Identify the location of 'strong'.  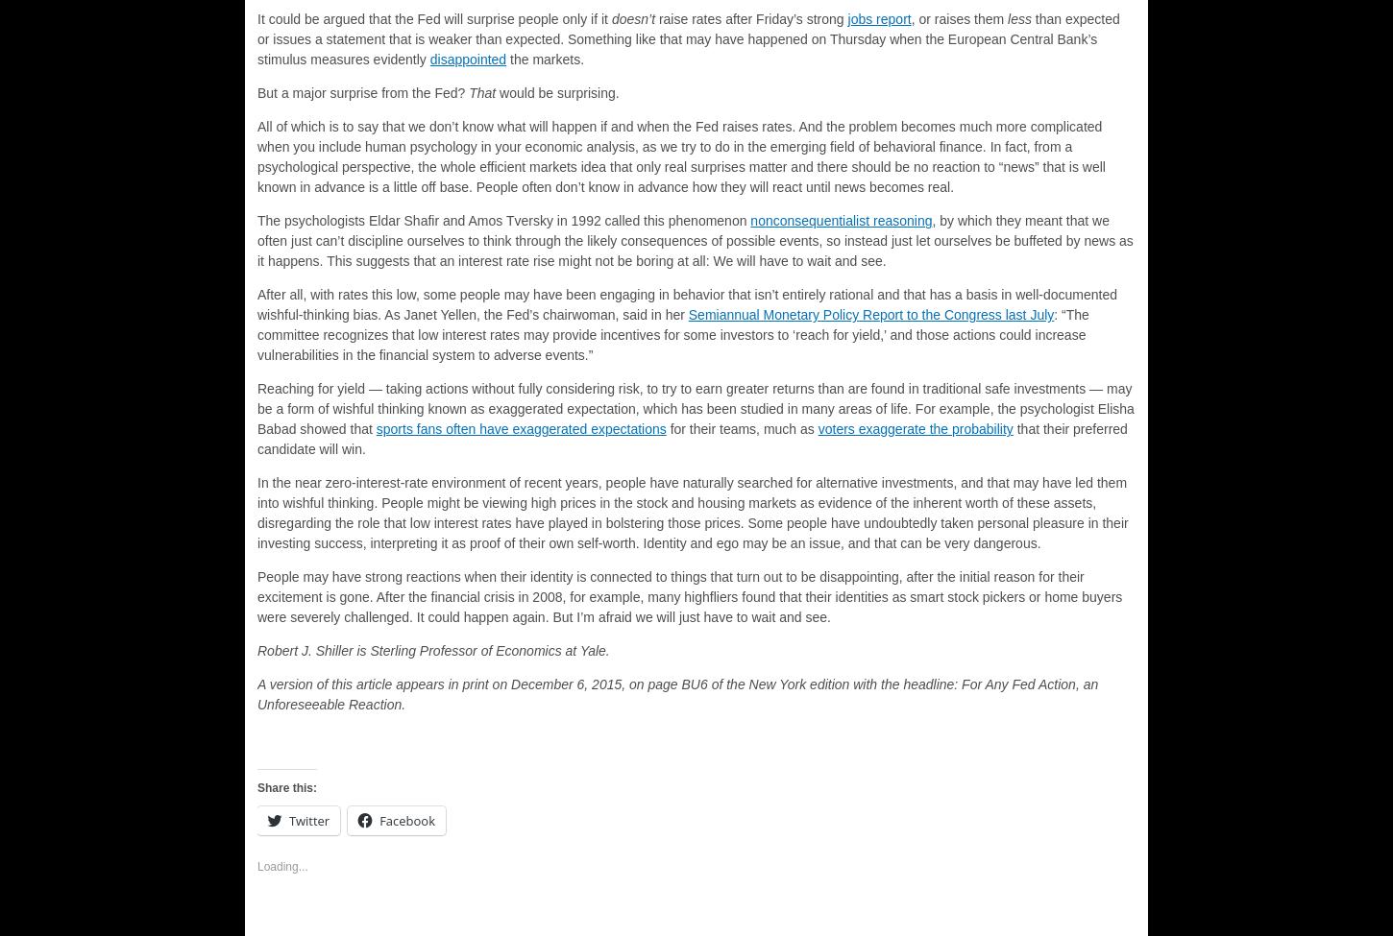
(823, 18).